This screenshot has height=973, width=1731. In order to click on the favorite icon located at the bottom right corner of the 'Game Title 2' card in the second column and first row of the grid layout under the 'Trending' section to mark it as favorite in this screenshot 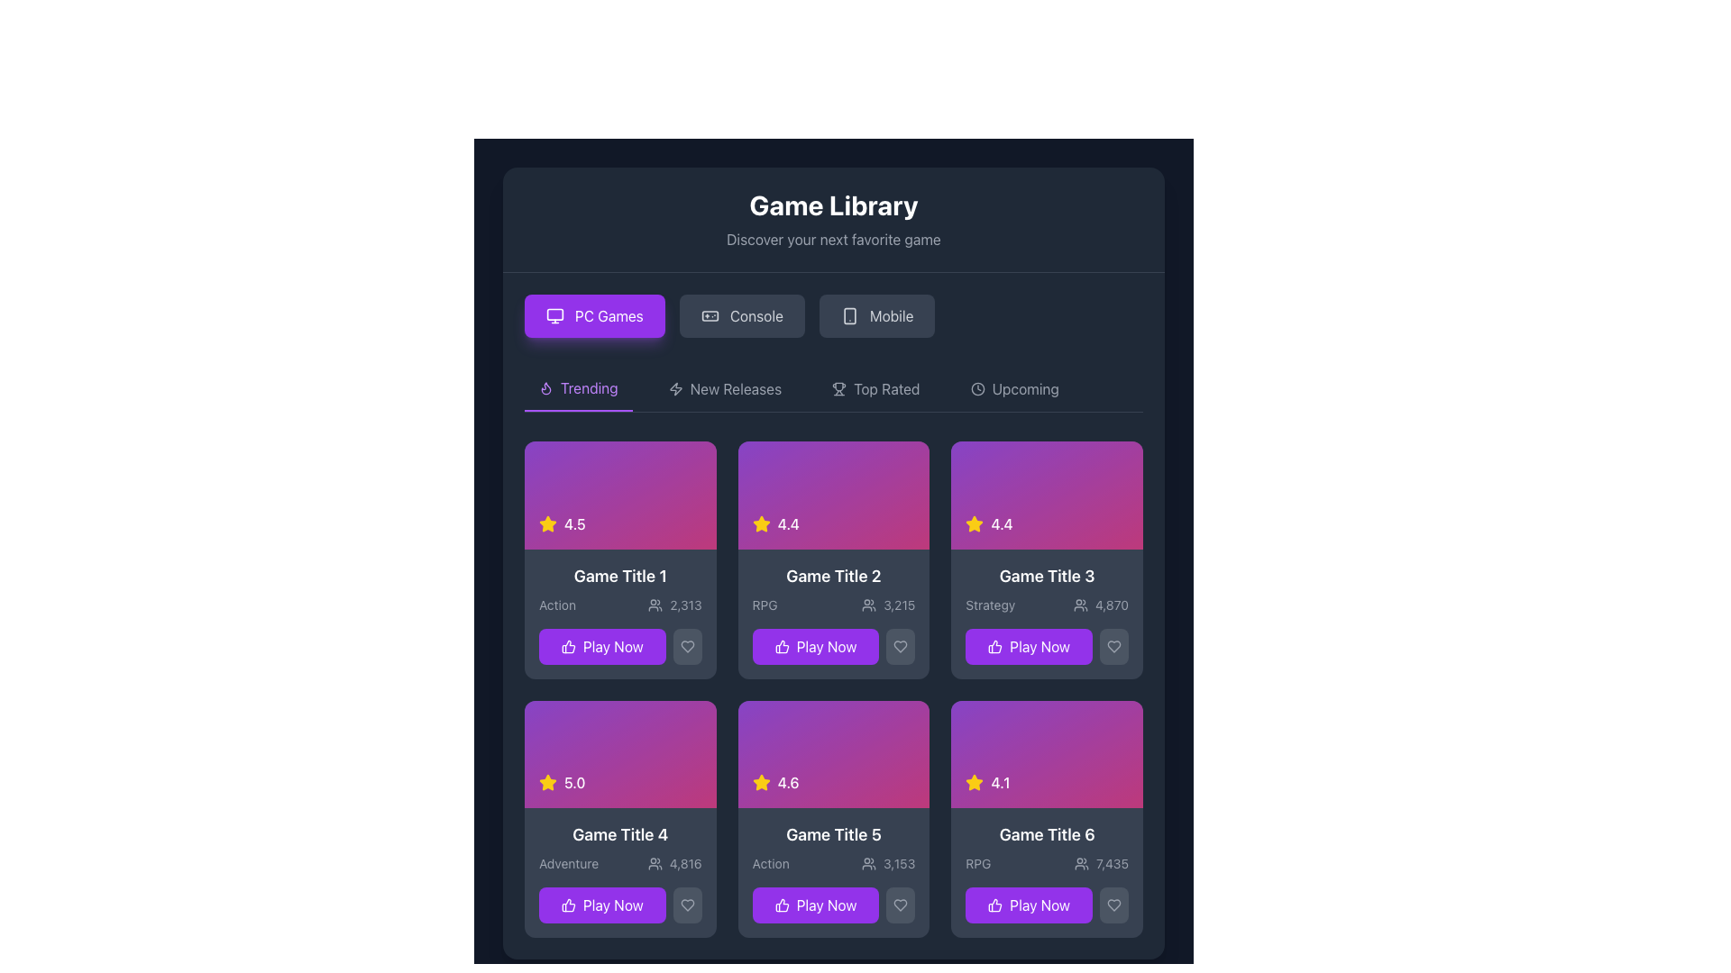, I will do `click(901, 645)`.